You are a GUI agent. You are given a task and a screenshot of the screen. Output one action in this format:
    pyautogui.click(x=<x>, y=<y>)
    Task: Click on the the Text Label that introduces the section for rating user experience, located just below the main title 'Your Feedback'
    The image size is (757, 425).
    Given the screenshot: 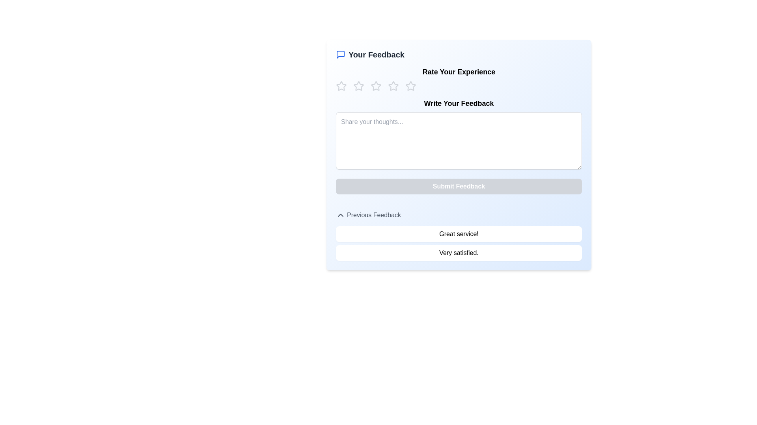 What is the action you would take?
    pyautogui.click(x=459, y=72)
    